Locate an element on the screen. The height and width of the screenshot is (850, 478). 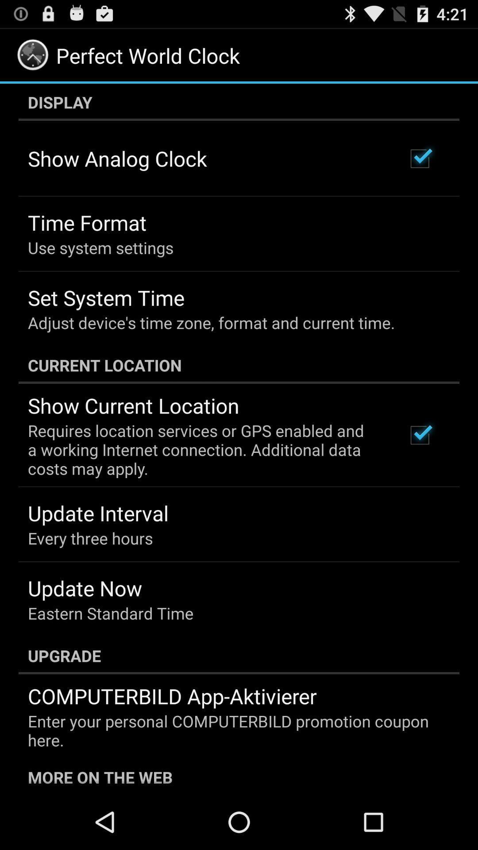
the icon below enter your personal is located at coordinates (239, 776).